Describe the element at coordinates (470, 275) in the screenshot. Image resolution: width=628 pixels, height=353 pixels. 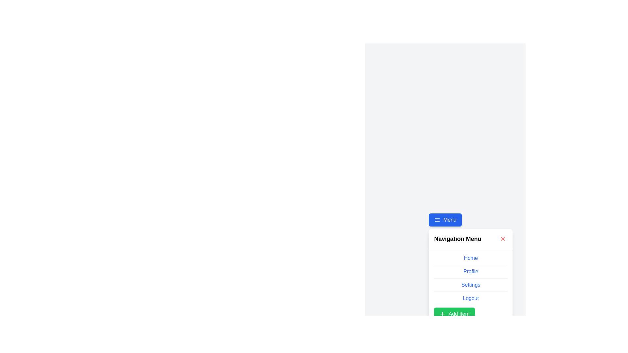
I see `the 'Profile' hyperlink, which is the second item in a vertical dropdown menu located on the right-hand side of the page` at that location.